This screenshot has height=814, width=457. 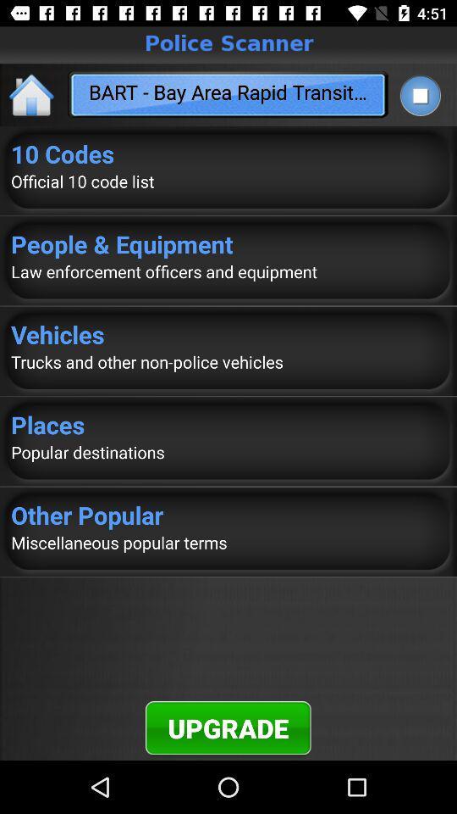 I want to click on 10 codes app, so click(x=228, y=153).